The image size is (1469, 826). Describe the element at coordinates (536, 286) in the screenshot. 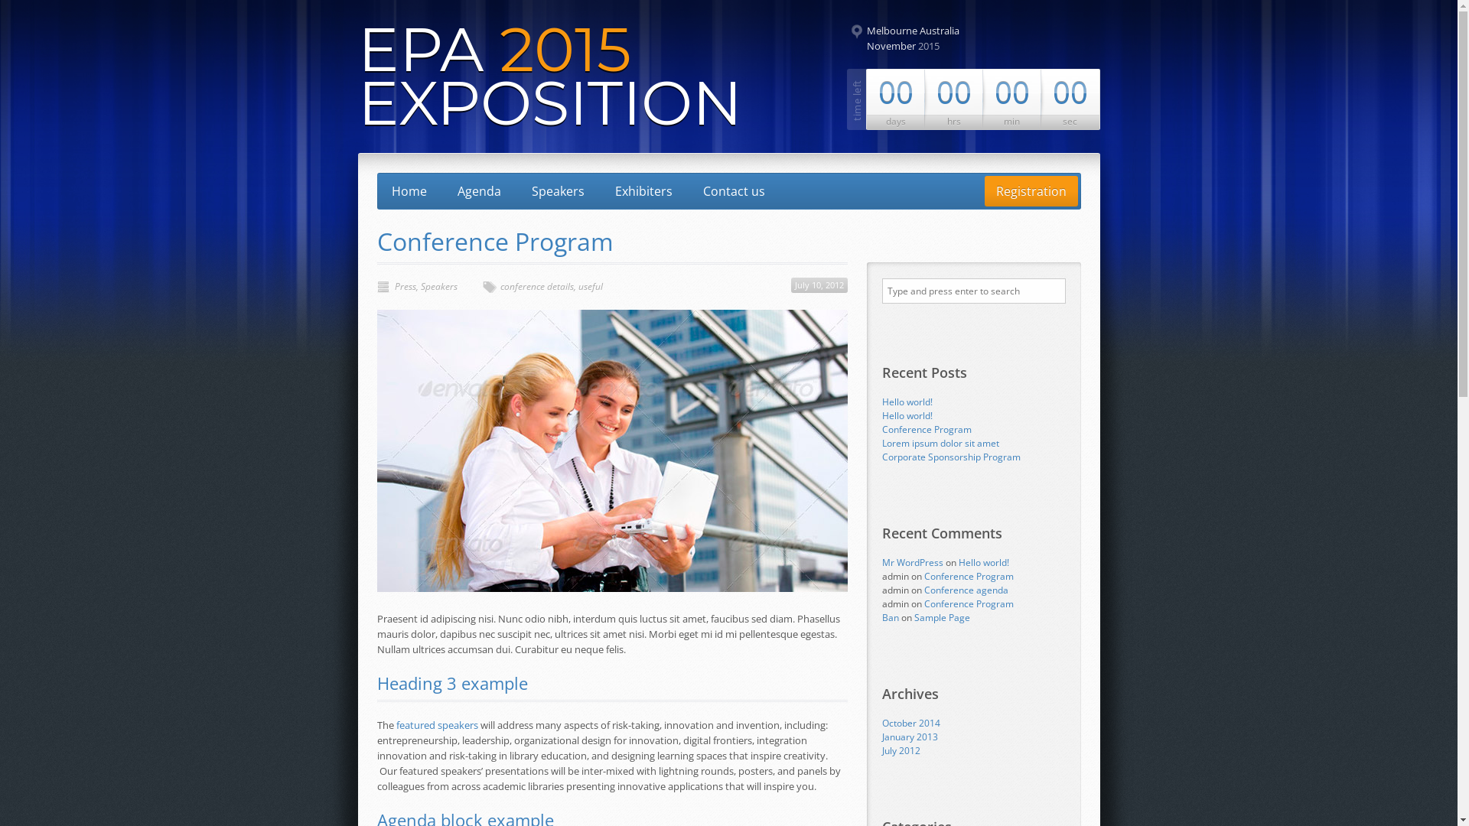

I see `'conference details'` at that location.